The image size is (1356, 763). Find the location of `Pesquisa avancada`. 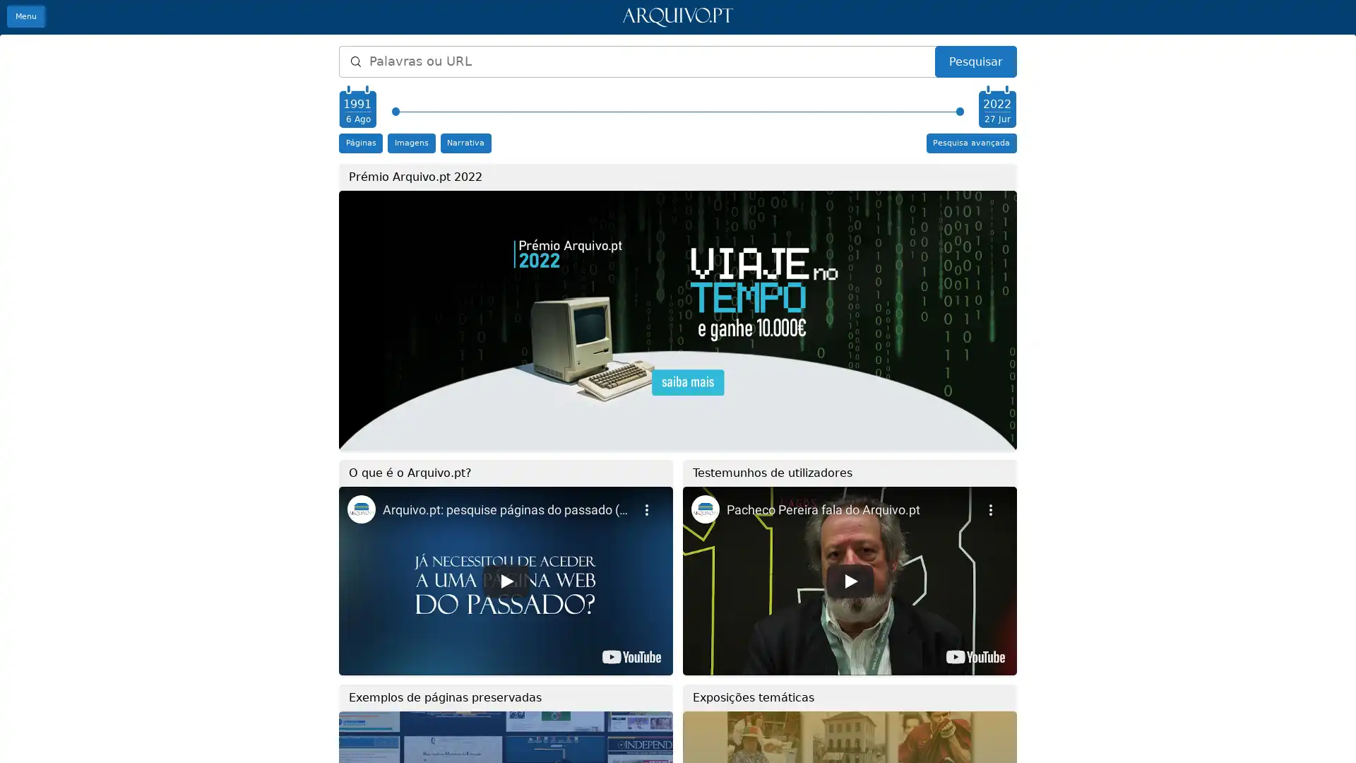

Pesquisa avancada is located at coordinates (970, 143).